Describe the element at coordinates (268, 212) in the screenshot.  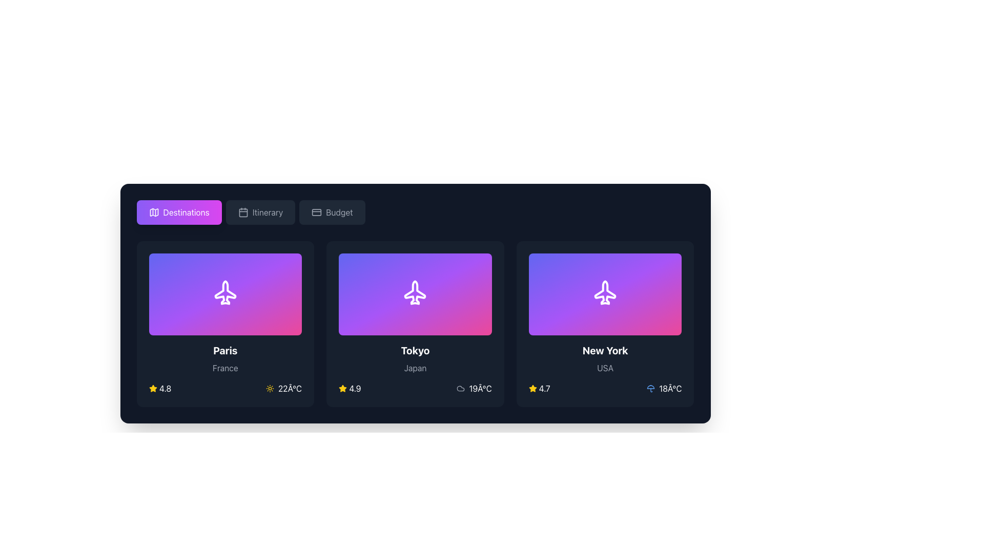
I see `text element that is centrally positioned within a button-like structure, which indicates navigational or filtering features for itineraries` at that location.